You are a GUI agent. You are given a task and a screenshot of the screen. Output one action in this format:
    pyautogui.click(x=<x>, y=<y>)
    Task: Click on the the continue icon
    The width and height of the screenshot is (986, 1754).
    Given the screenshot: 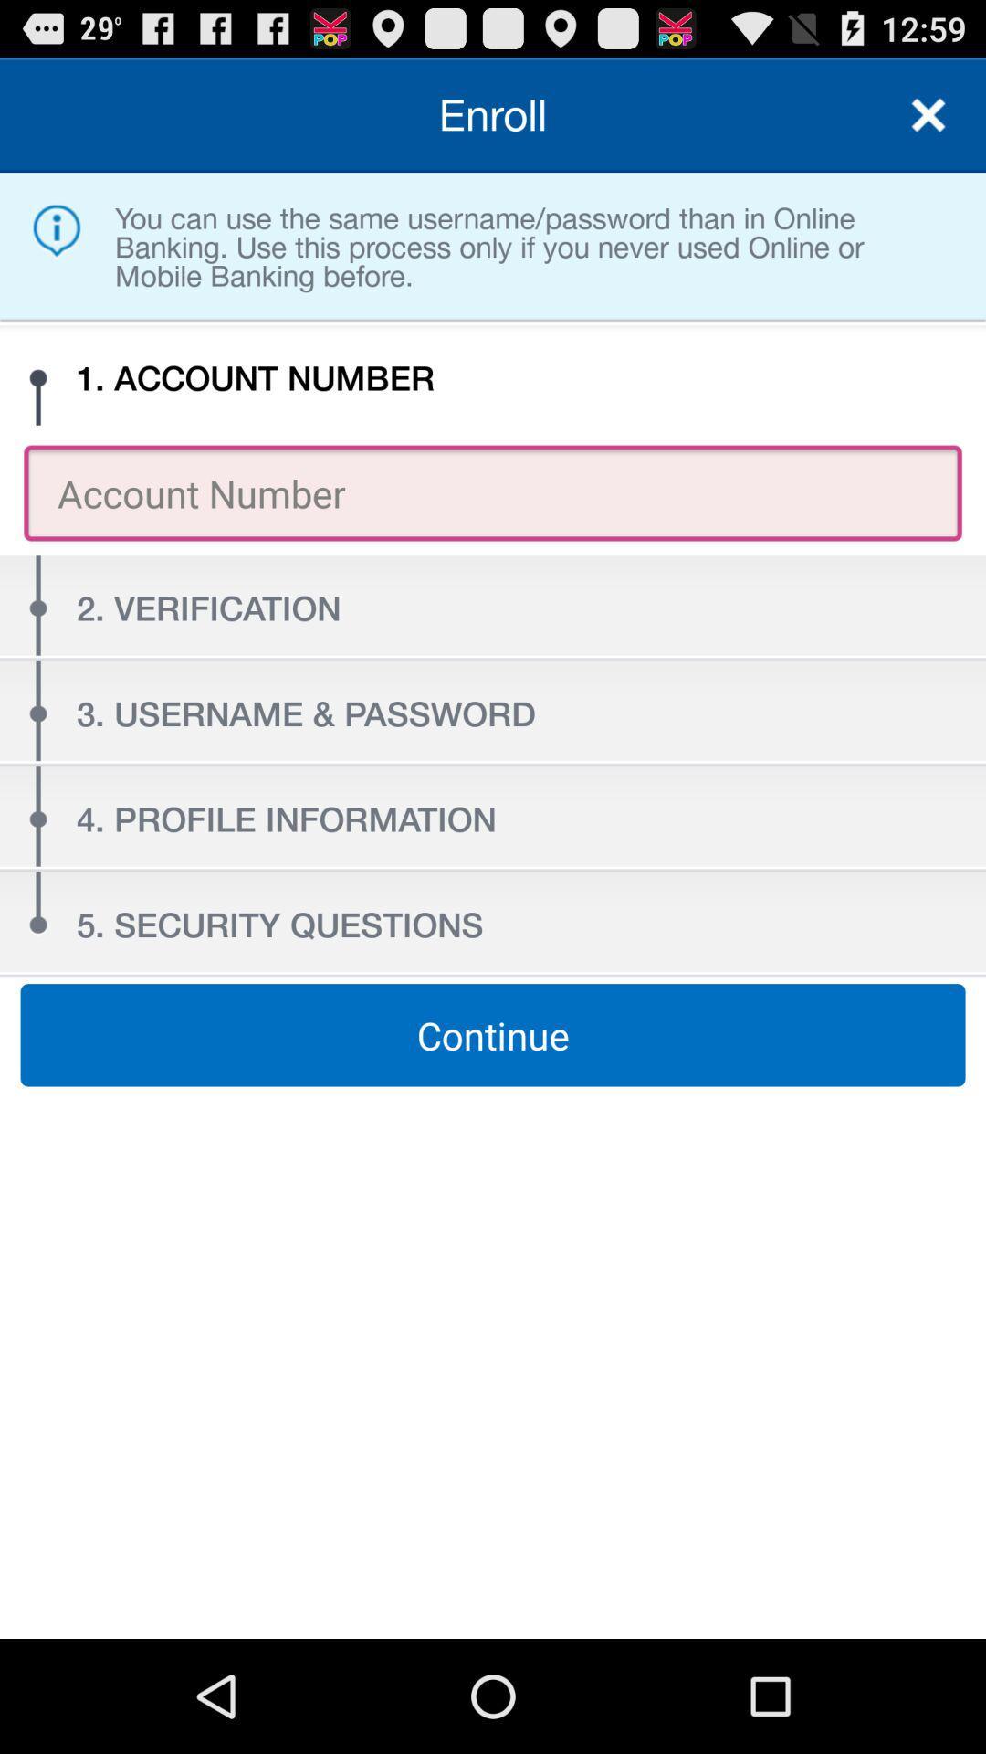 What is the action you would take?
    pyautogui.click(x=493, y=1035)
    